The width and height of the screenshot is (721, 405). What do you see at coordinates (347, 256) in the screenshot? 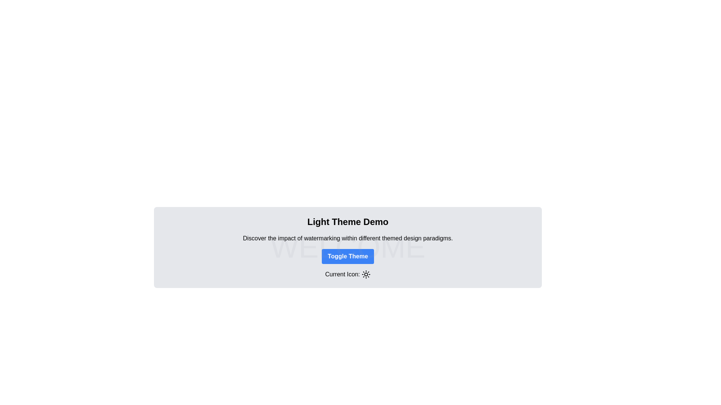
I see `the 'Toggle Theme' button, which is a rectangular button with a bold, white font on a blue background` at bounding box center [347, 256].